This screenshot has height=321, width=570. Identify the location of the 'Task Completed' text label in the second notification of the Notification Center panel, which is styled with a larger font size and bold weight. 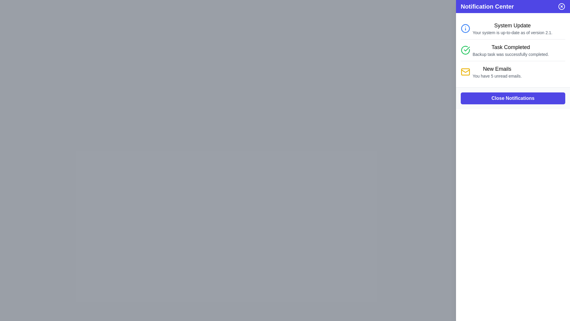
(510, 47).